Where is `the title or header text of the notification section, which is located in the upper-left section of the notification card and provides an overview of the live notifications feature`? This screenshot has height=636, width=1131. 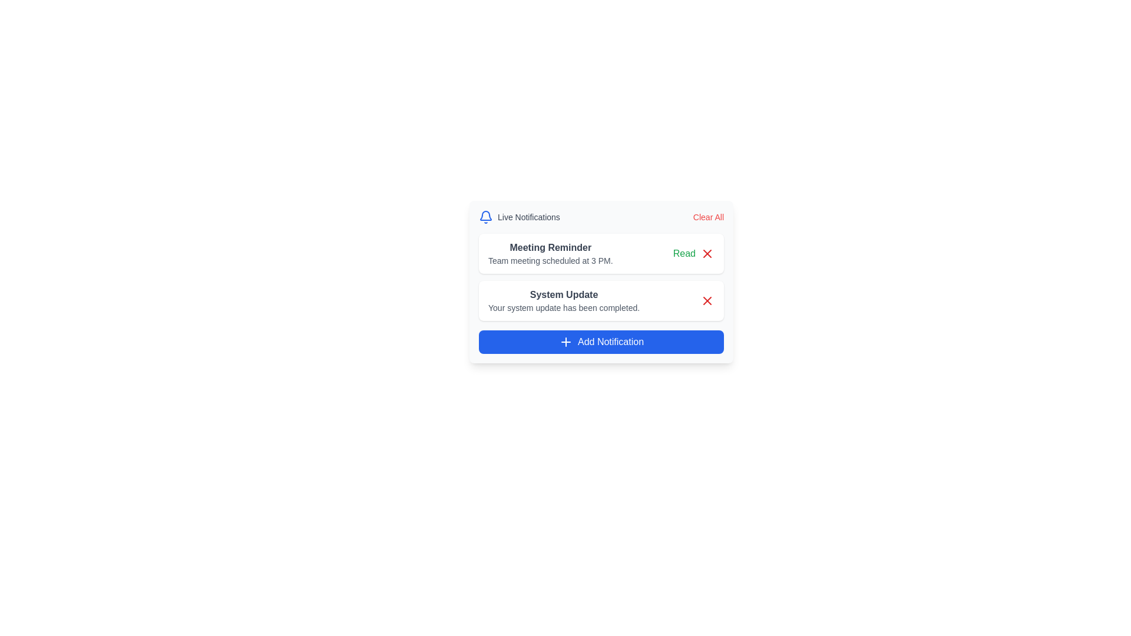
the title or header text of the notification section, which is located in the upper-left section of the notification card and provides an overview of the live notifications feature is located at coordinates (518, 217).